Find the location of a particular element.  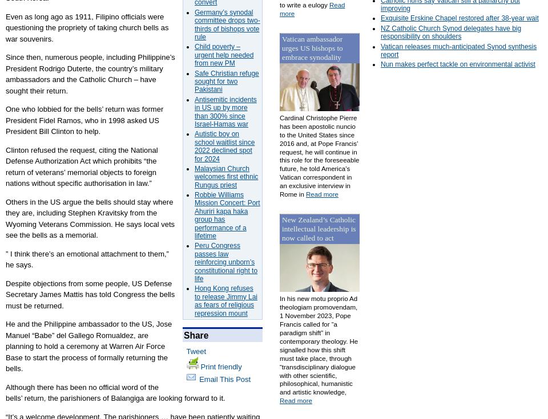

'Despite objections from some people, US Defense Secretary James Mattis has told Congress the bells must be returned.' is located at coordinates (90, 294).